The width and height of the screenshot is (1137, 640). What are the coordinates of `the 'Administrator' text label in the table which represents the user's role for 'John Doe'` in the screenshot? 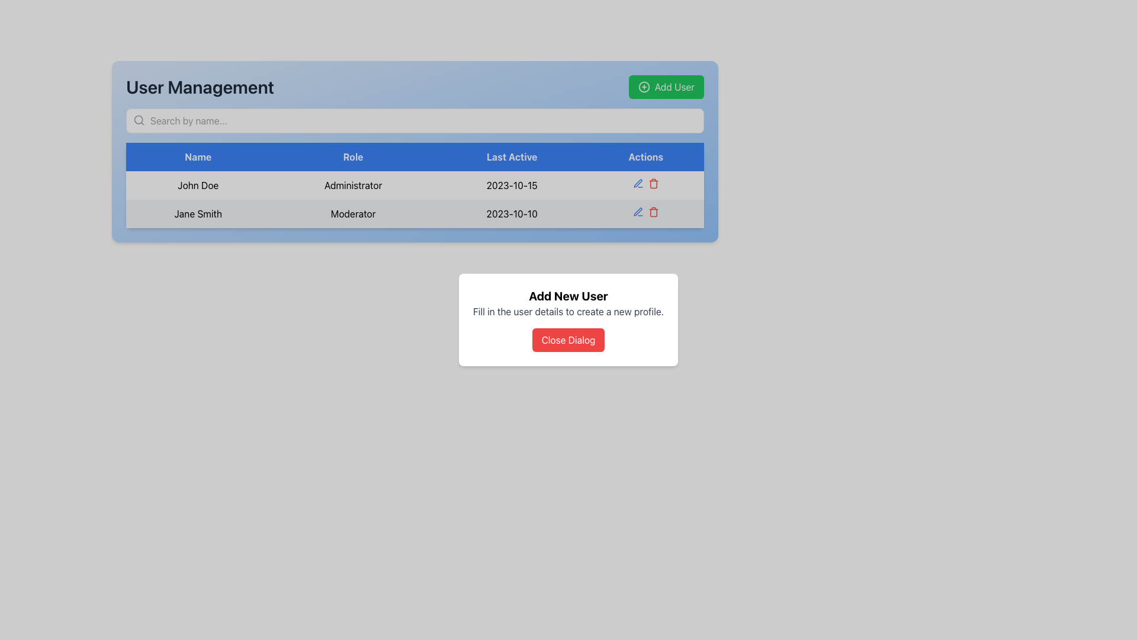 It's located at (352, 185).